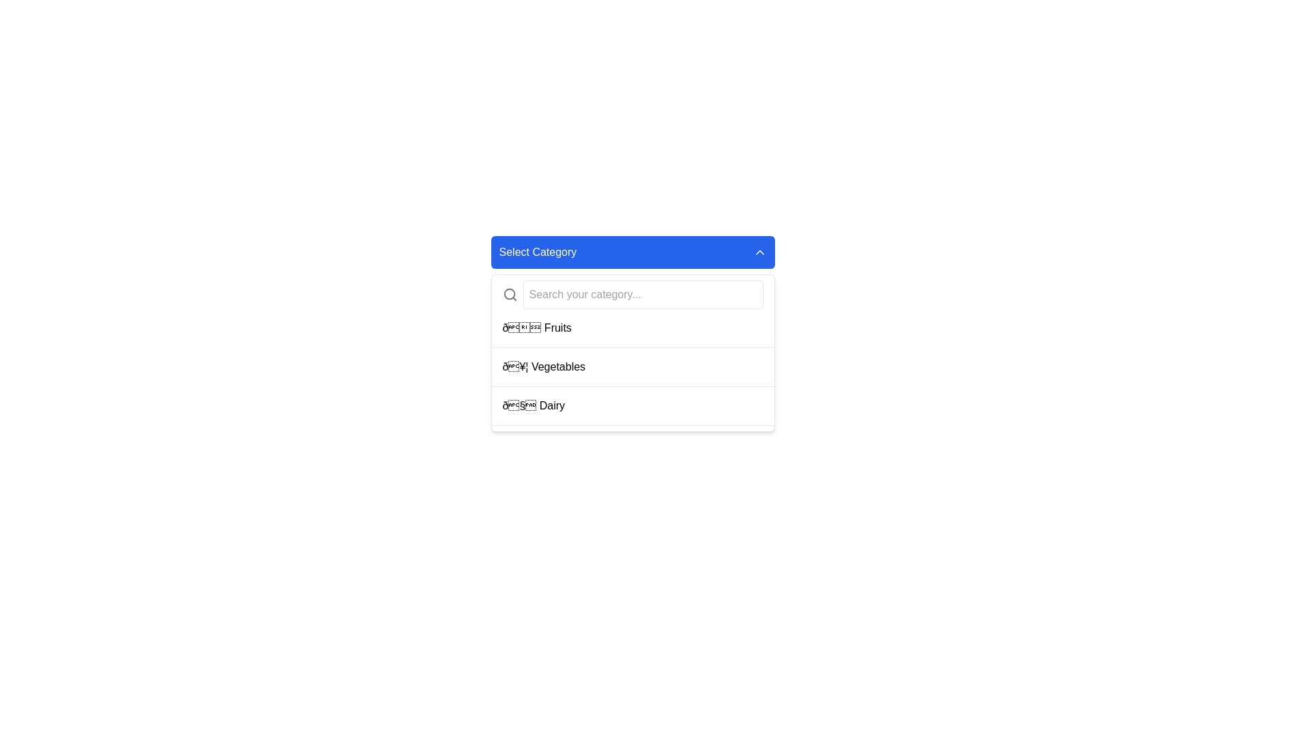  Describe the element at coordinates (632, 334) in the screenshot. I see `the first item in the dropdown list that selects 'Fruits'` at that location.